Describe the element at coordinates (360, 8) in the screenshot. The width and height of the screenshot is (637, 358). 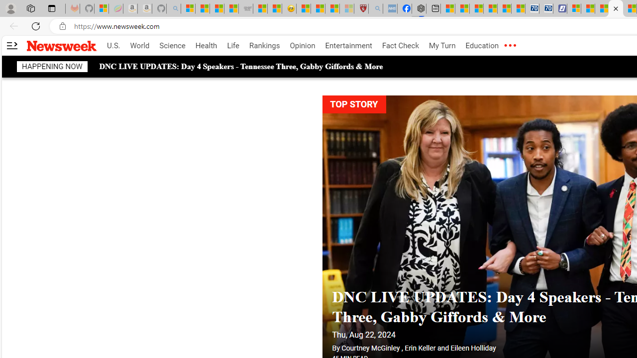
I see `'Robert H. Shmerling, MD - Harvard Health'` at that location.